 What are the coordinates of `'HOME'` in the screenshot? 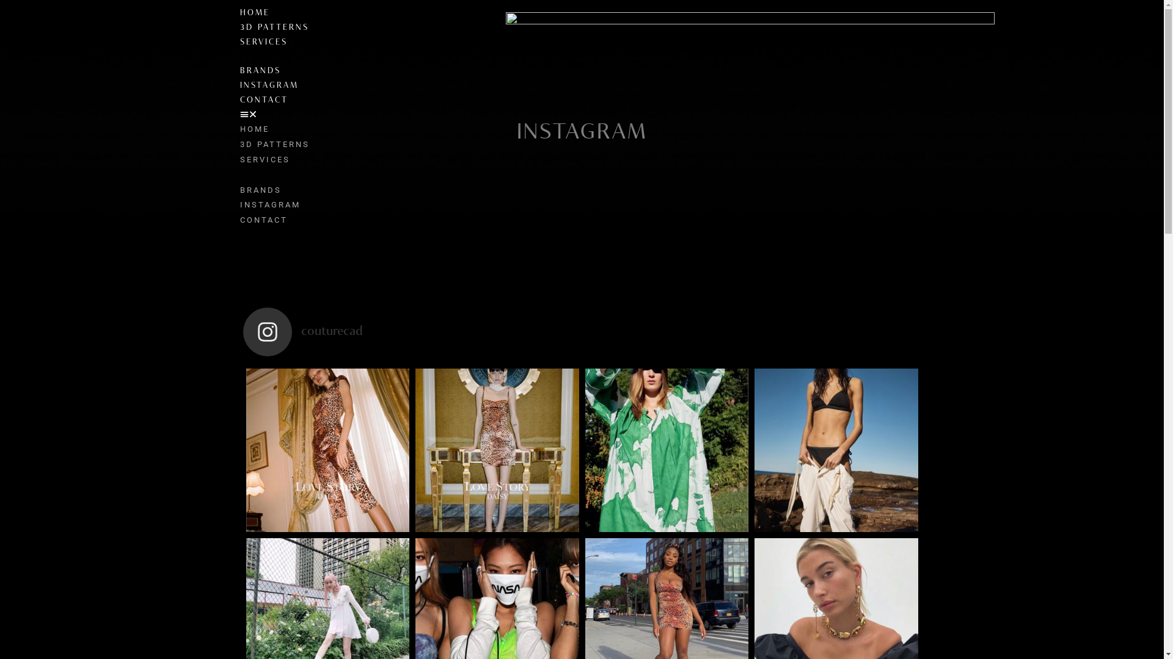 It's located at (254, 129).